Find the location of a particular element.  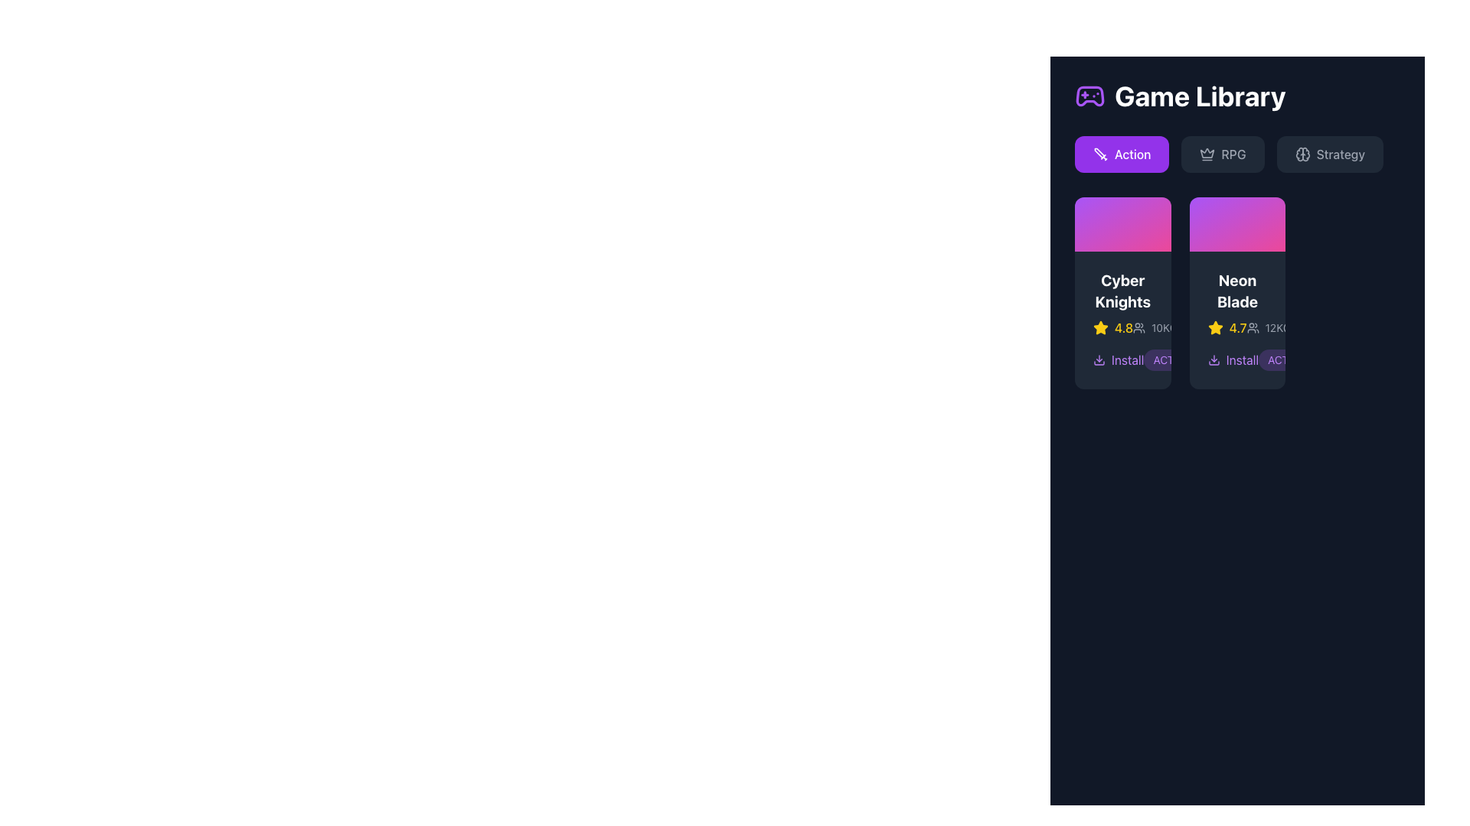

the text label reading 'Action' located within the first purple button in a row of category buttons near the top left corner of the interface is located at coordinates (1132, 154).